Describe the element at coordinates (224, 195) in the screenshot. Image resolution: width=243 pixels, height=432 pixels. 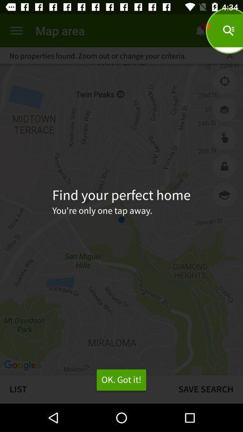
I see `item to the right of find your perfect` at that location.